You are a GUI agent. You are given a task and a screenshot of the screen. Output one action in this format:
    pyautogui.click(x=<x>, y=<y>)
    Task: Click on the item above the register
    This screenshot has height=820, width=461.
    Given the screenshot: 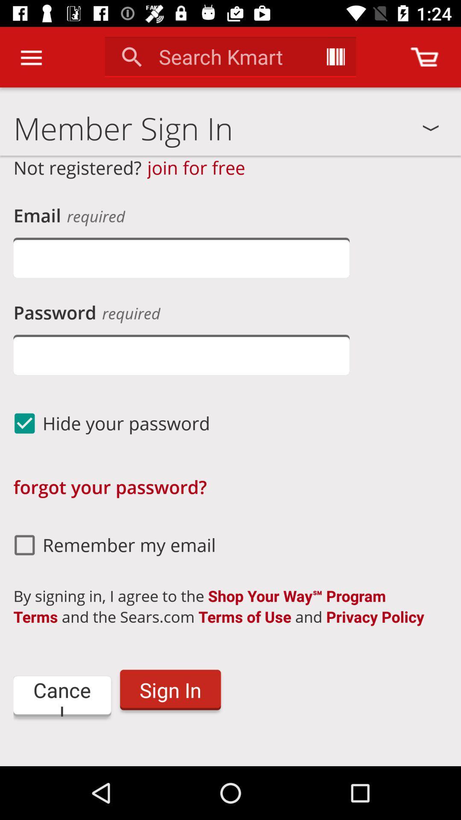 What is the action you would take?
    pyautogui.click(x=61, y=696)
    